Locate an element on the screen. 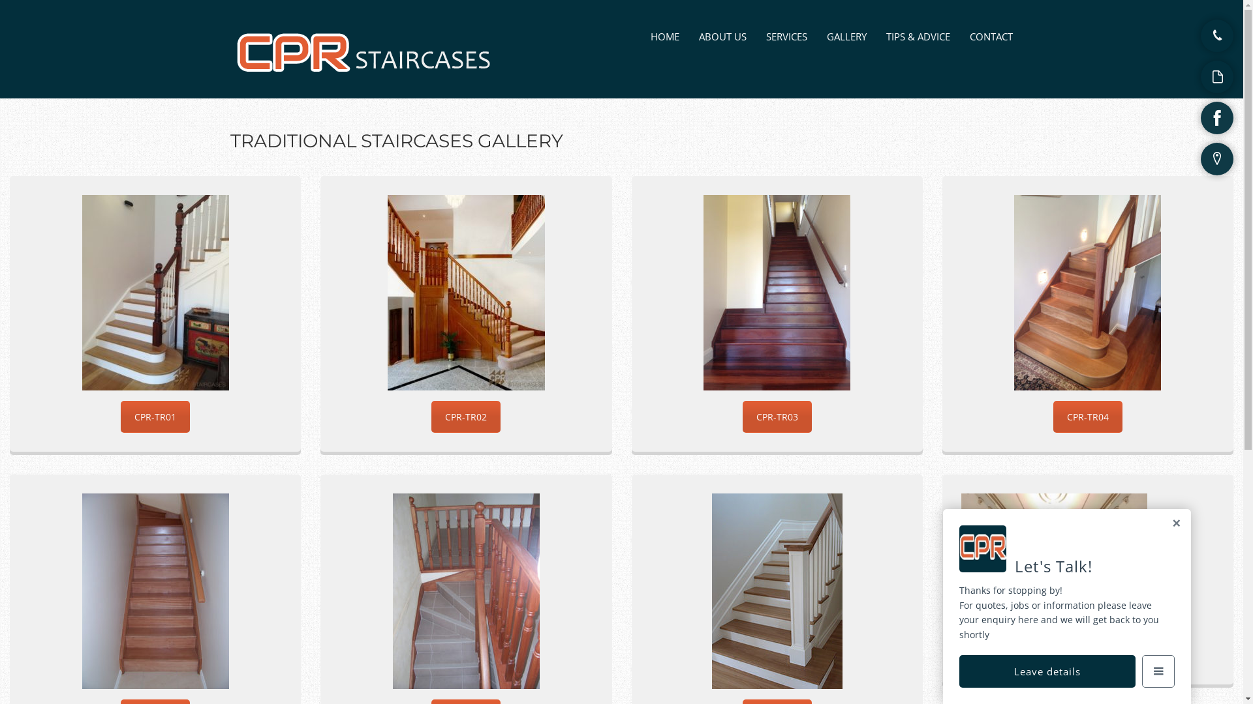  'CONTACT' is located at coordinates (991, 36).